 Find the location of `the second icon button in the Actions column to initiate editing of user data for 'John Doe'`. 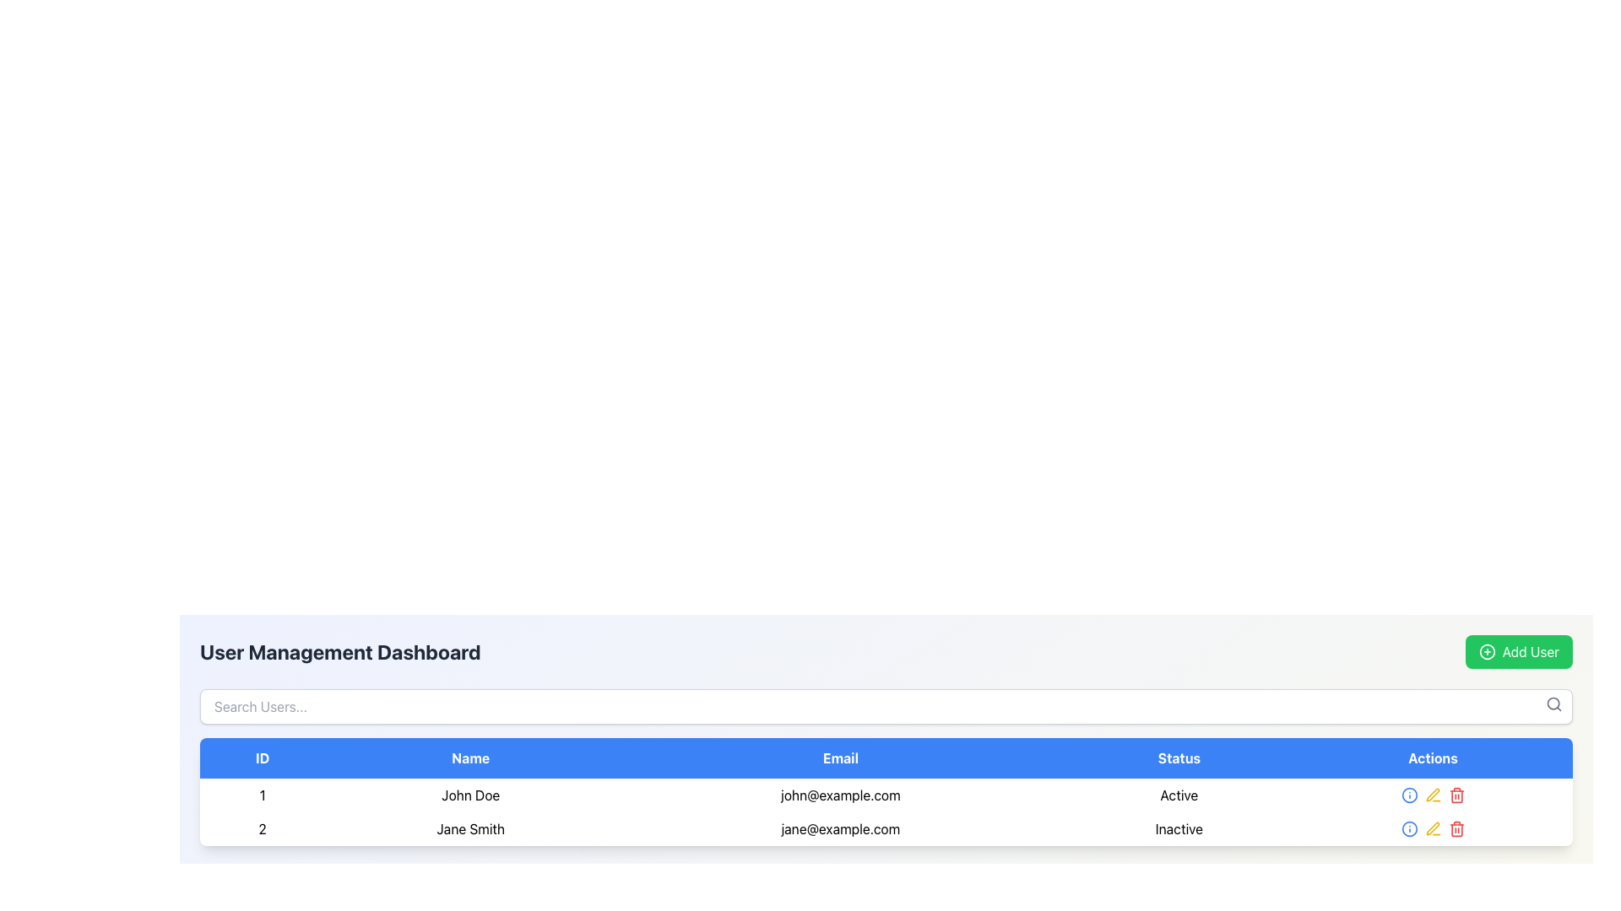

the second icon button in the Actions column to initiate editing of user data for 'John Doe' is located at coordinates (1432, 795).